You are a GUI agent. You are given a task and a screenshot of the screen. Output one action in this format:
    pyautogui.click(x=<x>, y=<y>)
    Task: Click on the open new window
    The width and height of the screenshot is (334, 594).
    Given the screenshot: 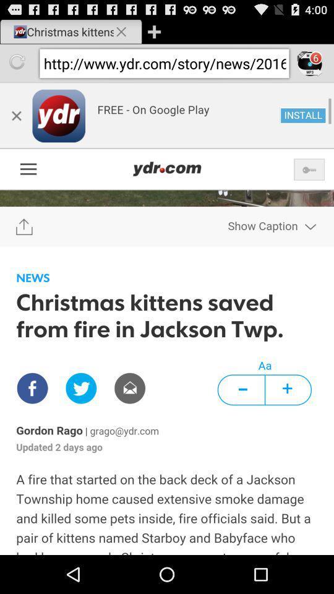 What is the action you would take?
    pyautogui.click(x=154, y=31)
    